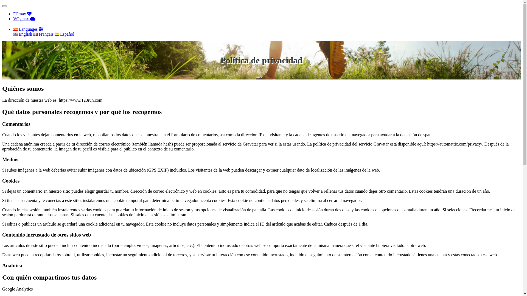 This screenshot has height=296, width=527. What do you see at coordinates (28, 29) in the screenshot?
I see `'Languages'` at bounding box center [28, 29].